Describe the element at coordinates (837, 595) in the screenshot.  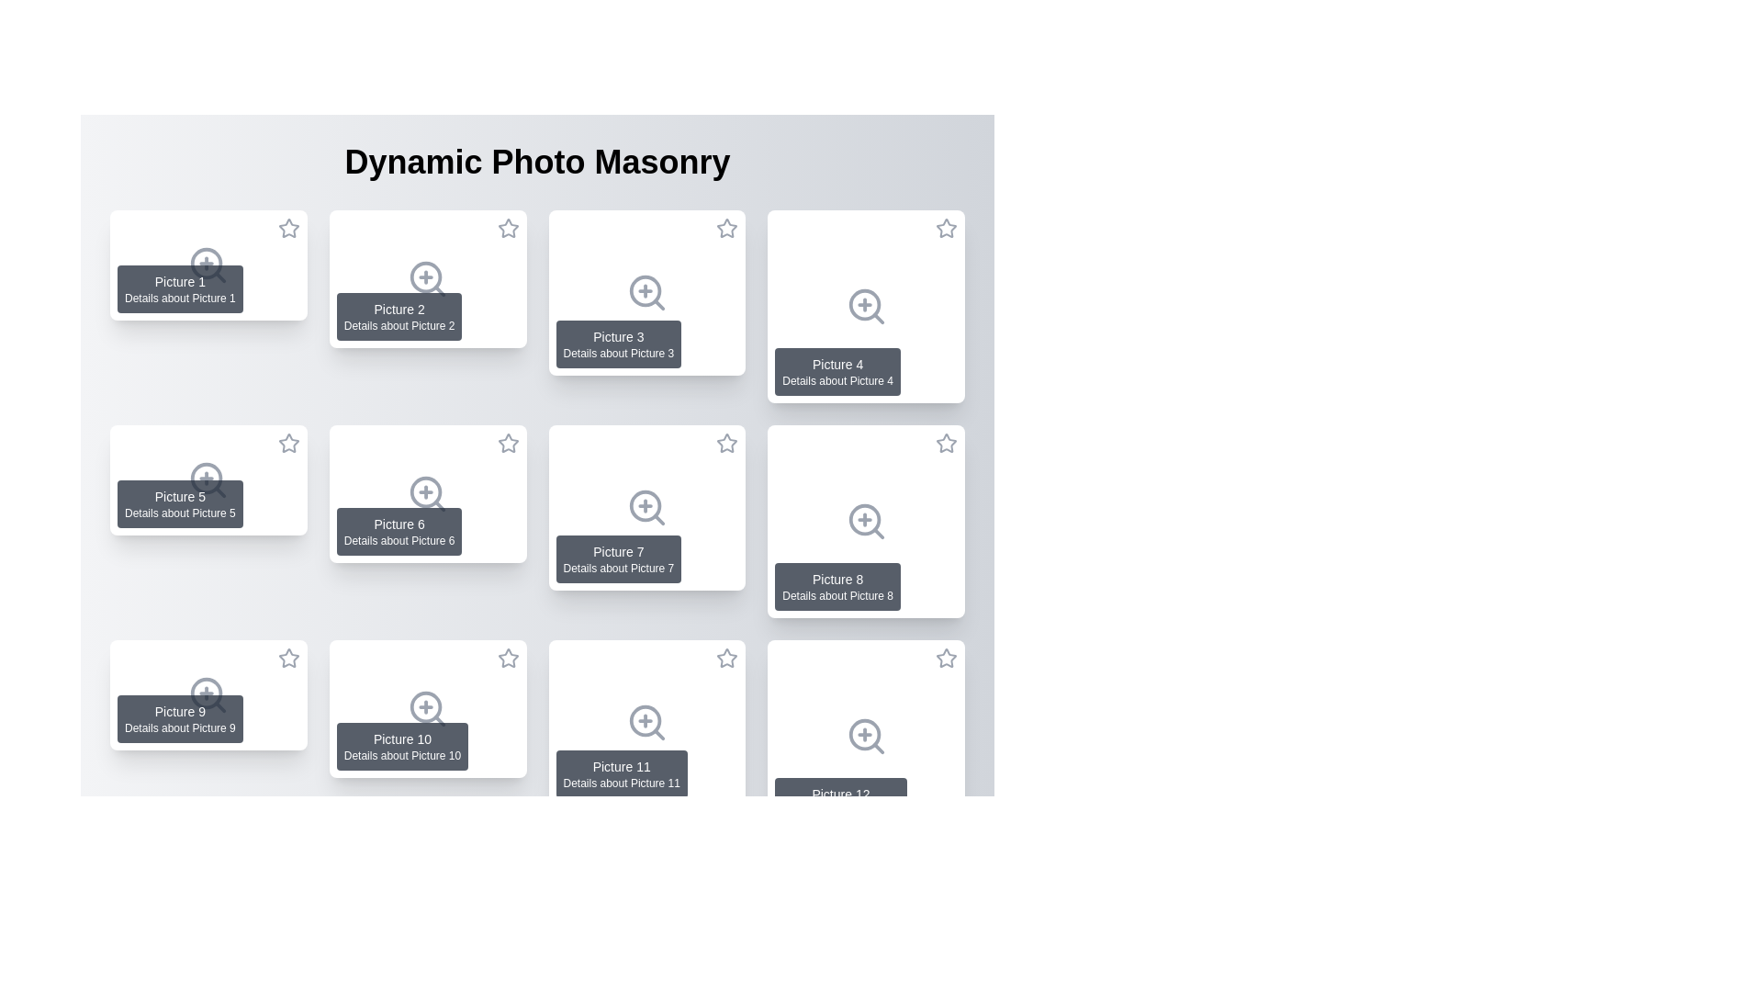
I see `the static text label displaying 'Details about Picture 8' which is located within the card titled 'Picture 8' in the middle-right area of the layout` at that location.